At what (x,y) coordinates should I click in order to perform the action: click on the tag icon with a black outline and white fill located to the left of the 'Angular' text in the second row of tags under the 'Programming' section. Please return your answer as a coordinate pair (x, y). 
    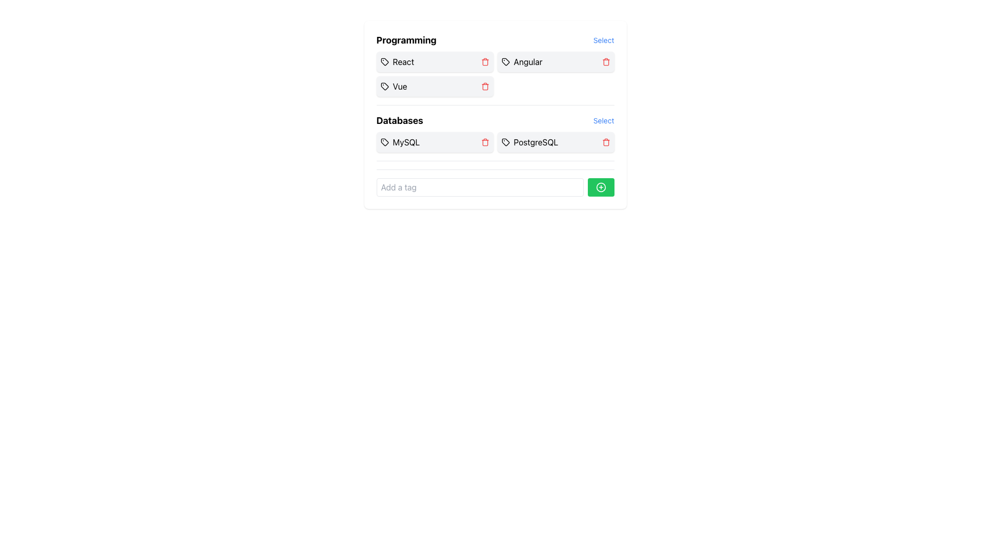
    Looking at the image, I should click on (505, 61).